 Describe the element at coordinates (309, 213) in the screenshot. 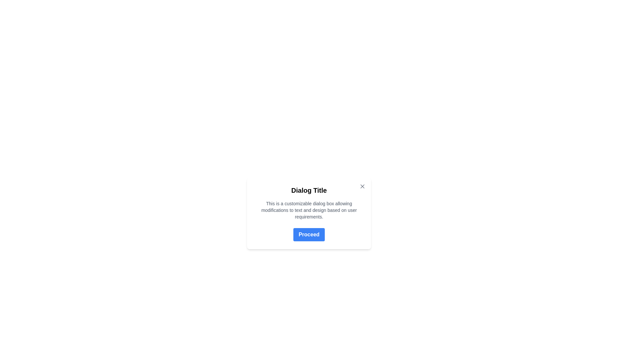

I see `the Modal dialog box which contains a bolded title, explanatory text, and a 'Proceed' button` at that location.